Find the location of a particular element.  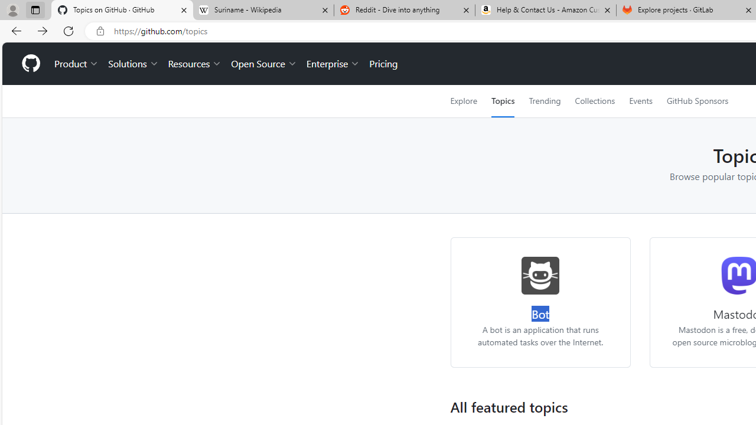

'Product' is located at coordinates (76, 64).